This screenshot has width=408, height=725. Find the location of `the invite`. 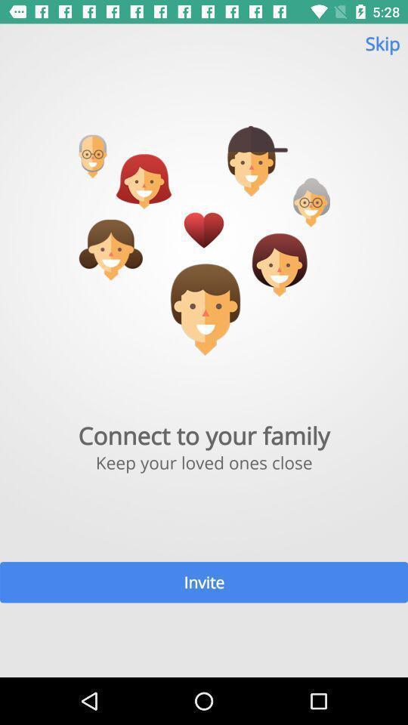

the invite is located at coordinates (204, 582).